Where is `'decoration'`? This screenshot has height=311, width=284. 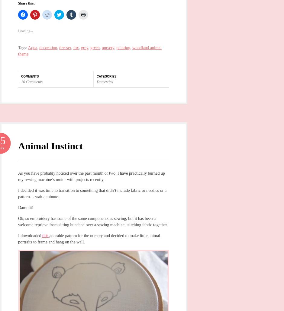 'decoration' is located at coordinates (48, 47).